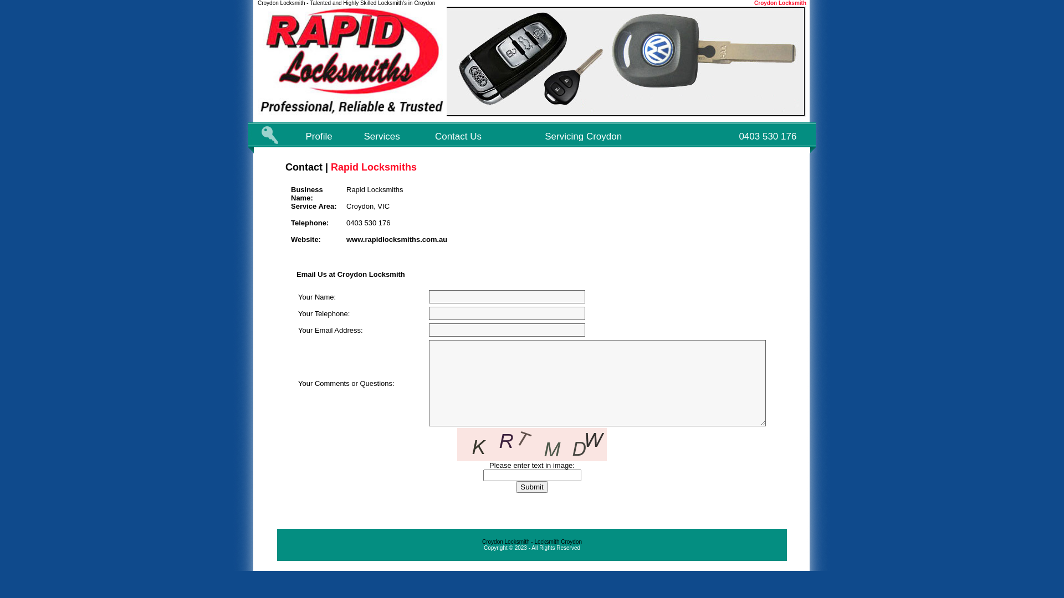 This screenshot has width=1064, height=598. I want to click on 'www.rapidlocksmiths.com.au', so click(396, 238).